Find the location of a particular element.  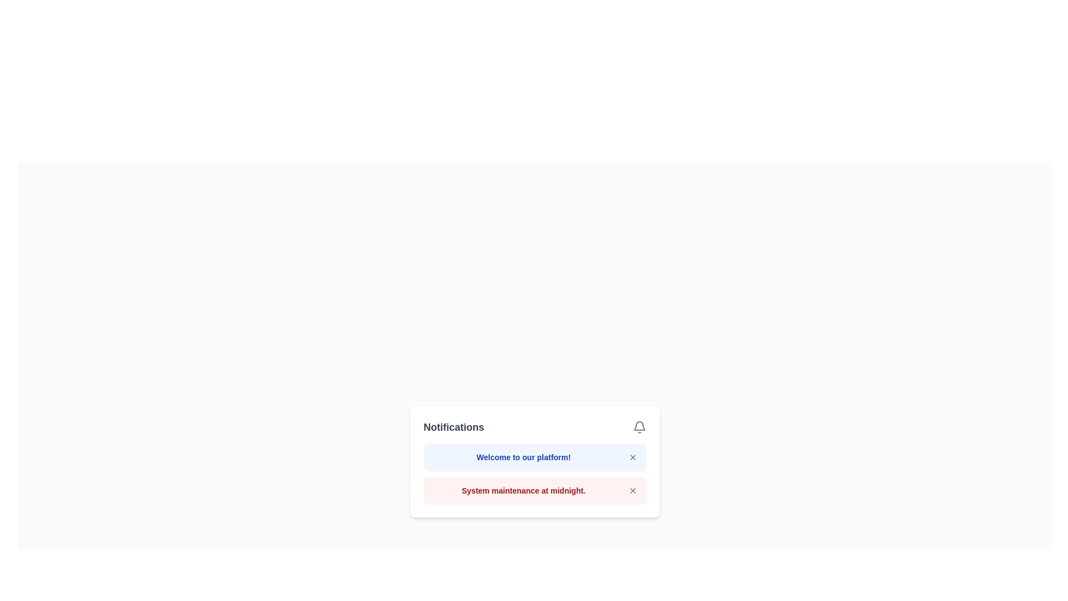

the notification box within the 'Notifications' panel that contains the messages 'Welcome to our platform!' and 'System maintenance at midnight.' is located at coordinates (535, 474).